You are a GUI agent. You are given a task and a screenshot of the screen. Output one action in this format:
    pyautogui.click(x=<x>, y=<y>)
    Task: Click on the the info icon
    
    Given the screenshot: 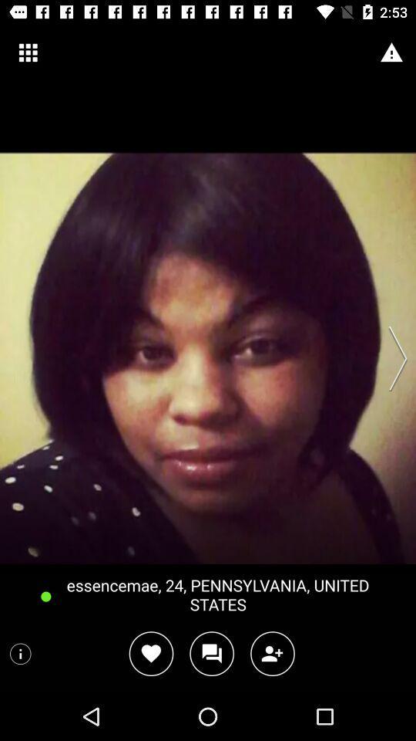 What is the action you would take?
    pyautogui.click(x=19, y=653)
    